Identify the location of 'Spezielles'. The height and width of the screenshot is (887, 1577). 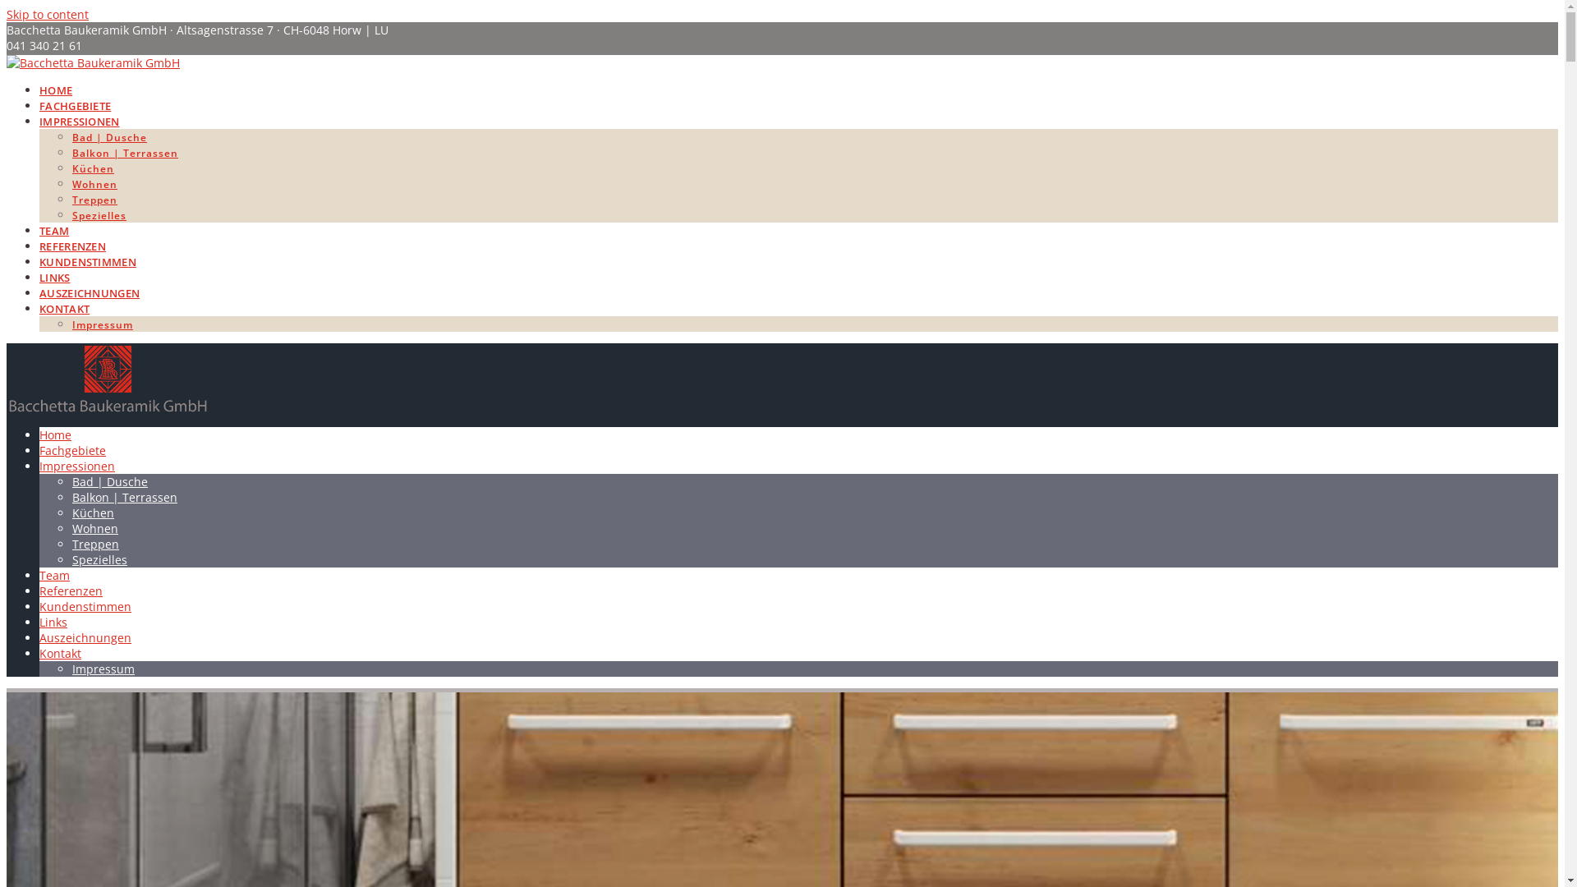
(98, 214).